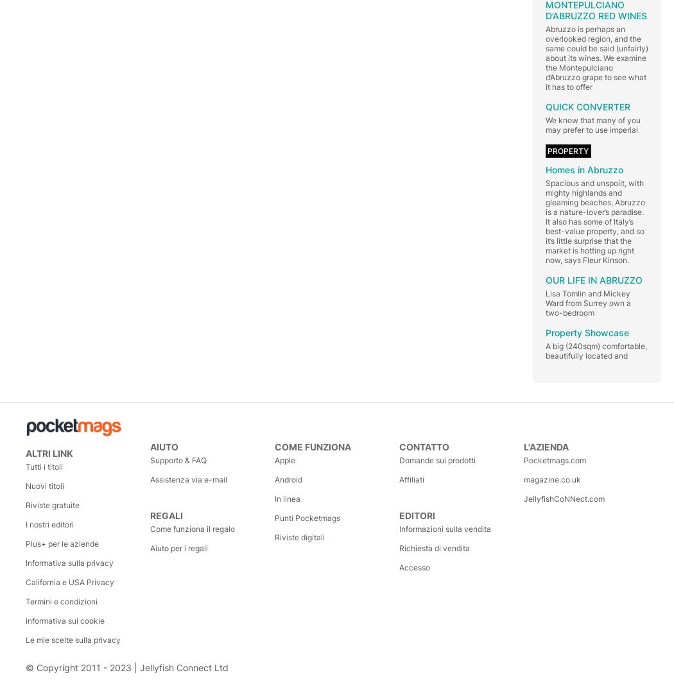  What do you see at coordinates (73, 639) in the screenshot?
I see `'Le mie scelte sulla privacy'` at bounding box center [73, 639].